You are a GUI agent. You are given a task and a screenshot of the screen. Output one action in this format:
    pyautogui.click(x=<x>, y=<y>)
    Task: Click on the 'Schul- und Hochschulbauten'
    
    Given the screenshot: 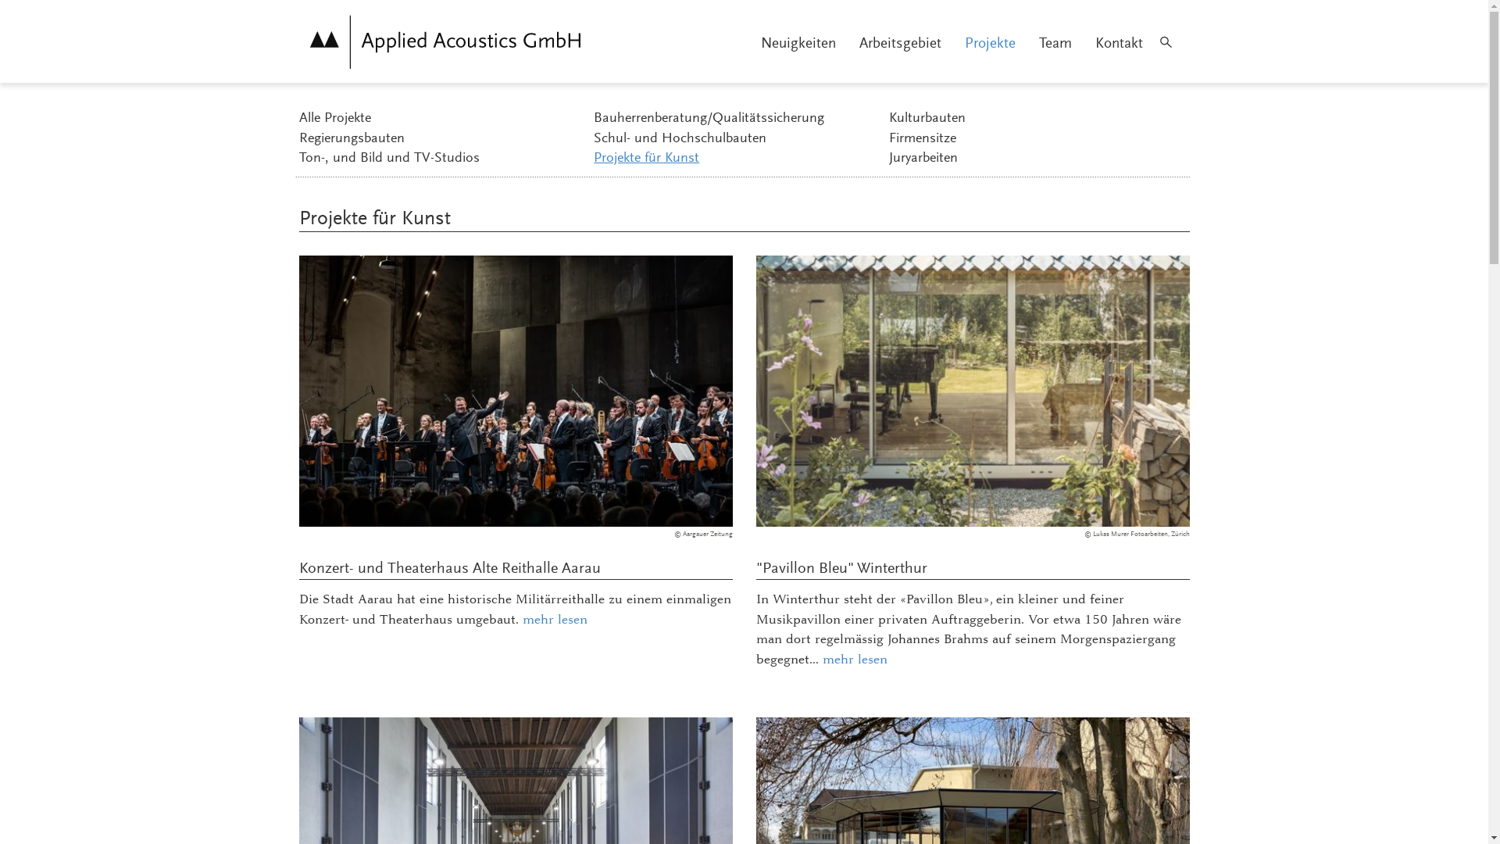 What is the action you would take?
    pyautogui.click(x=737, y=138)
    